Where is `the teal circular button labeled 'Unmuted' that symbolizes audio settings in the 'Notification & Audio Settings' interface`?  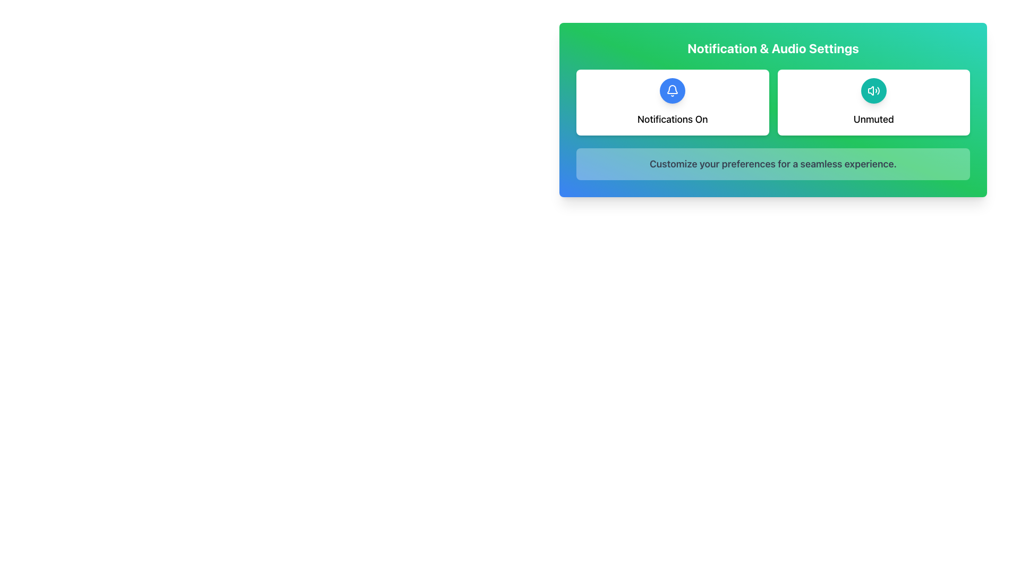
the teal circular button labeled 'Unmuted' that symbolizes audio settings in the 'Notification & Audio Settings' interface is located at coordinates (873, 90).